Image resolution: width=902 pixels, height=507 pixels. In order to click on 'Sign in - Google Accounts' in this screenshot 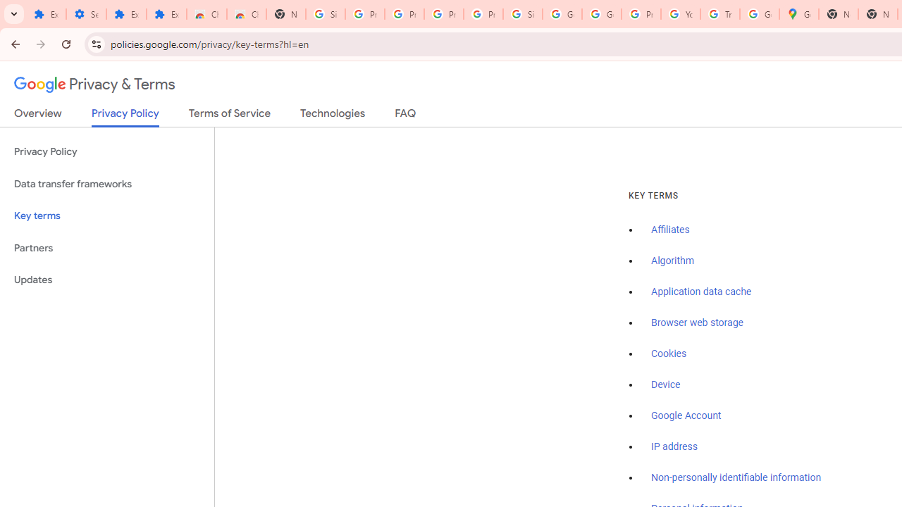, I will do `click(325, 14)`.